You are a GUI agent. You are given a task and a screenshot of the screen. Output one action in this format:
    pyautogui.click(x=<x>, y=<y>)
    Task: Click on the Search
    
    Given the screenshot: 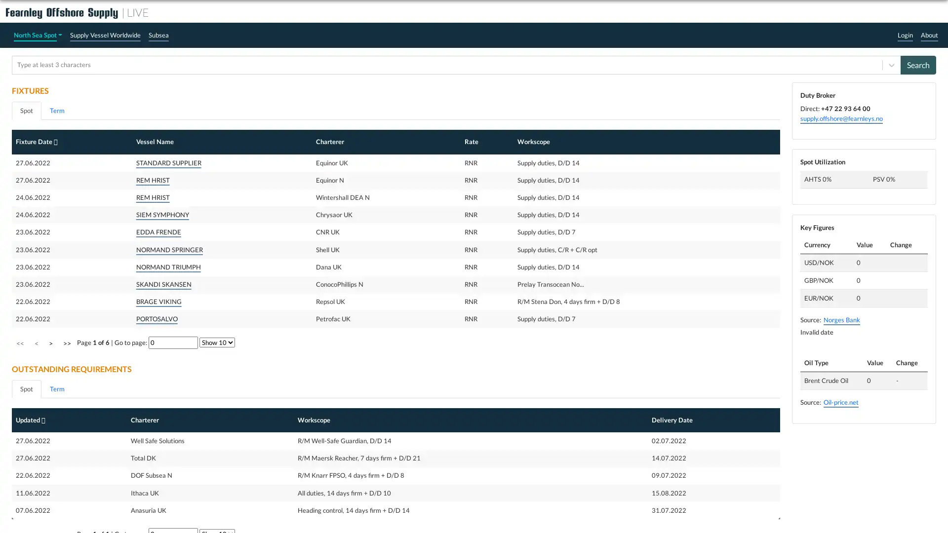 What is the action you would take?
    pyautogui.click(x=918, y=65)
    